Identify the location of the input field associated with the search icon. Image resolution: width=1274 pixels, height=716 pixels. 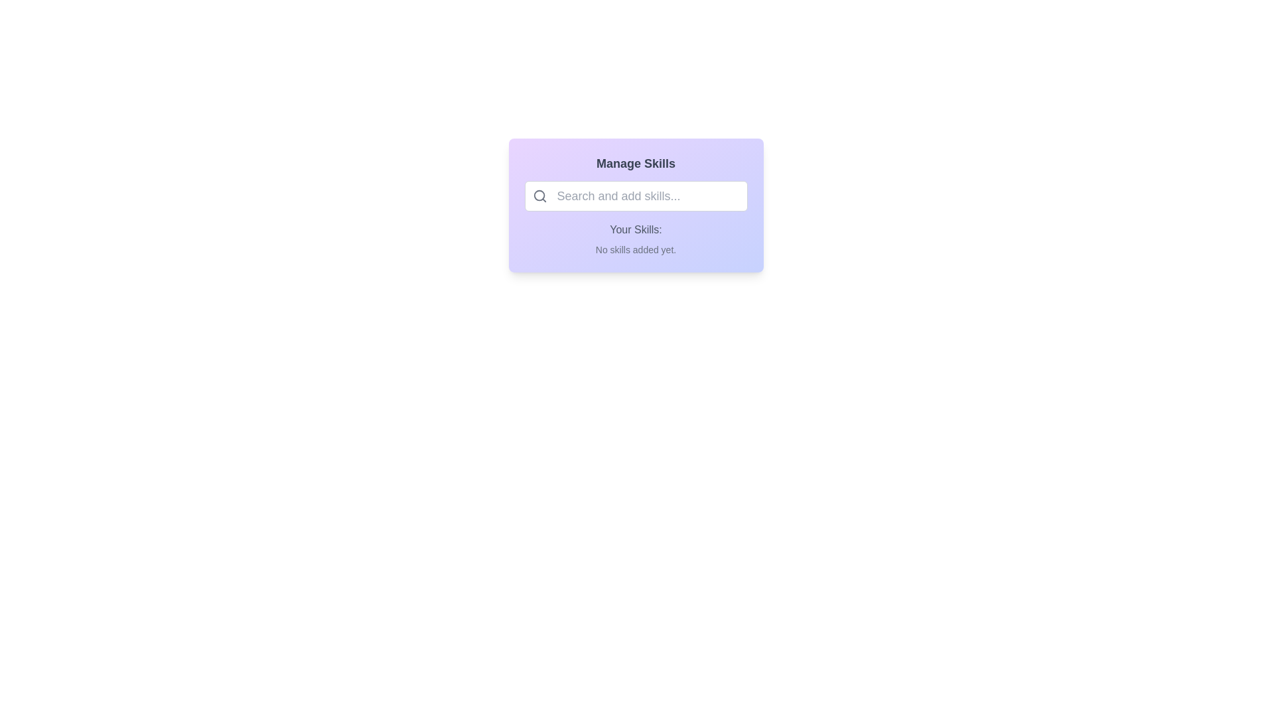
(539, 196).